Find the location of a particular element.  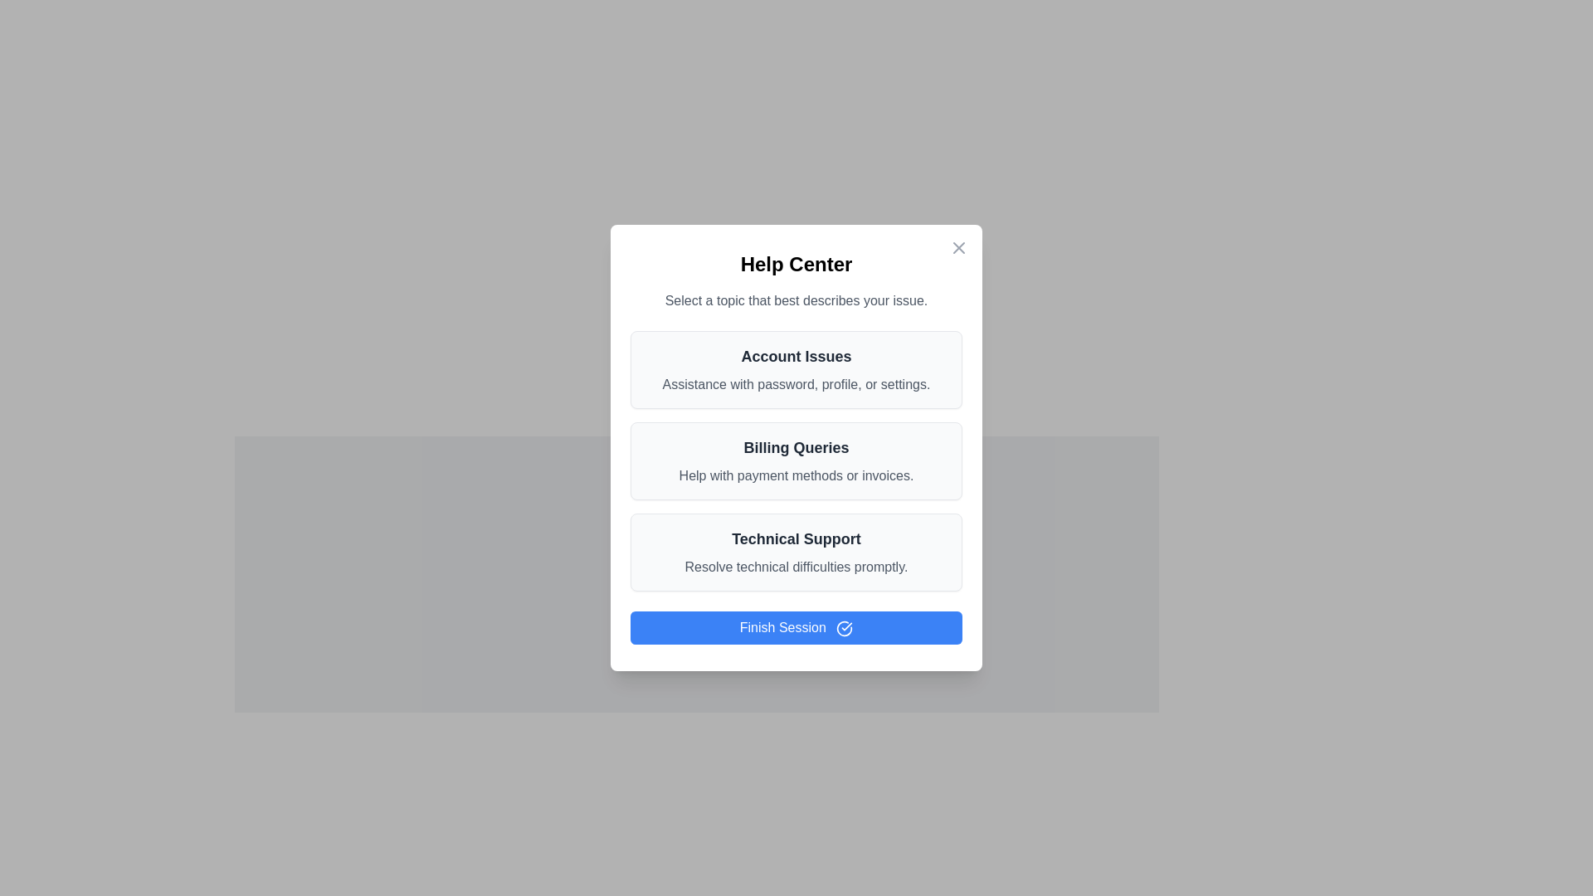

the confirmation icon indicating the completion of the 'Finish Session' button located at the bottom right of the Help Center dialog is located at coordinates (845, 628).